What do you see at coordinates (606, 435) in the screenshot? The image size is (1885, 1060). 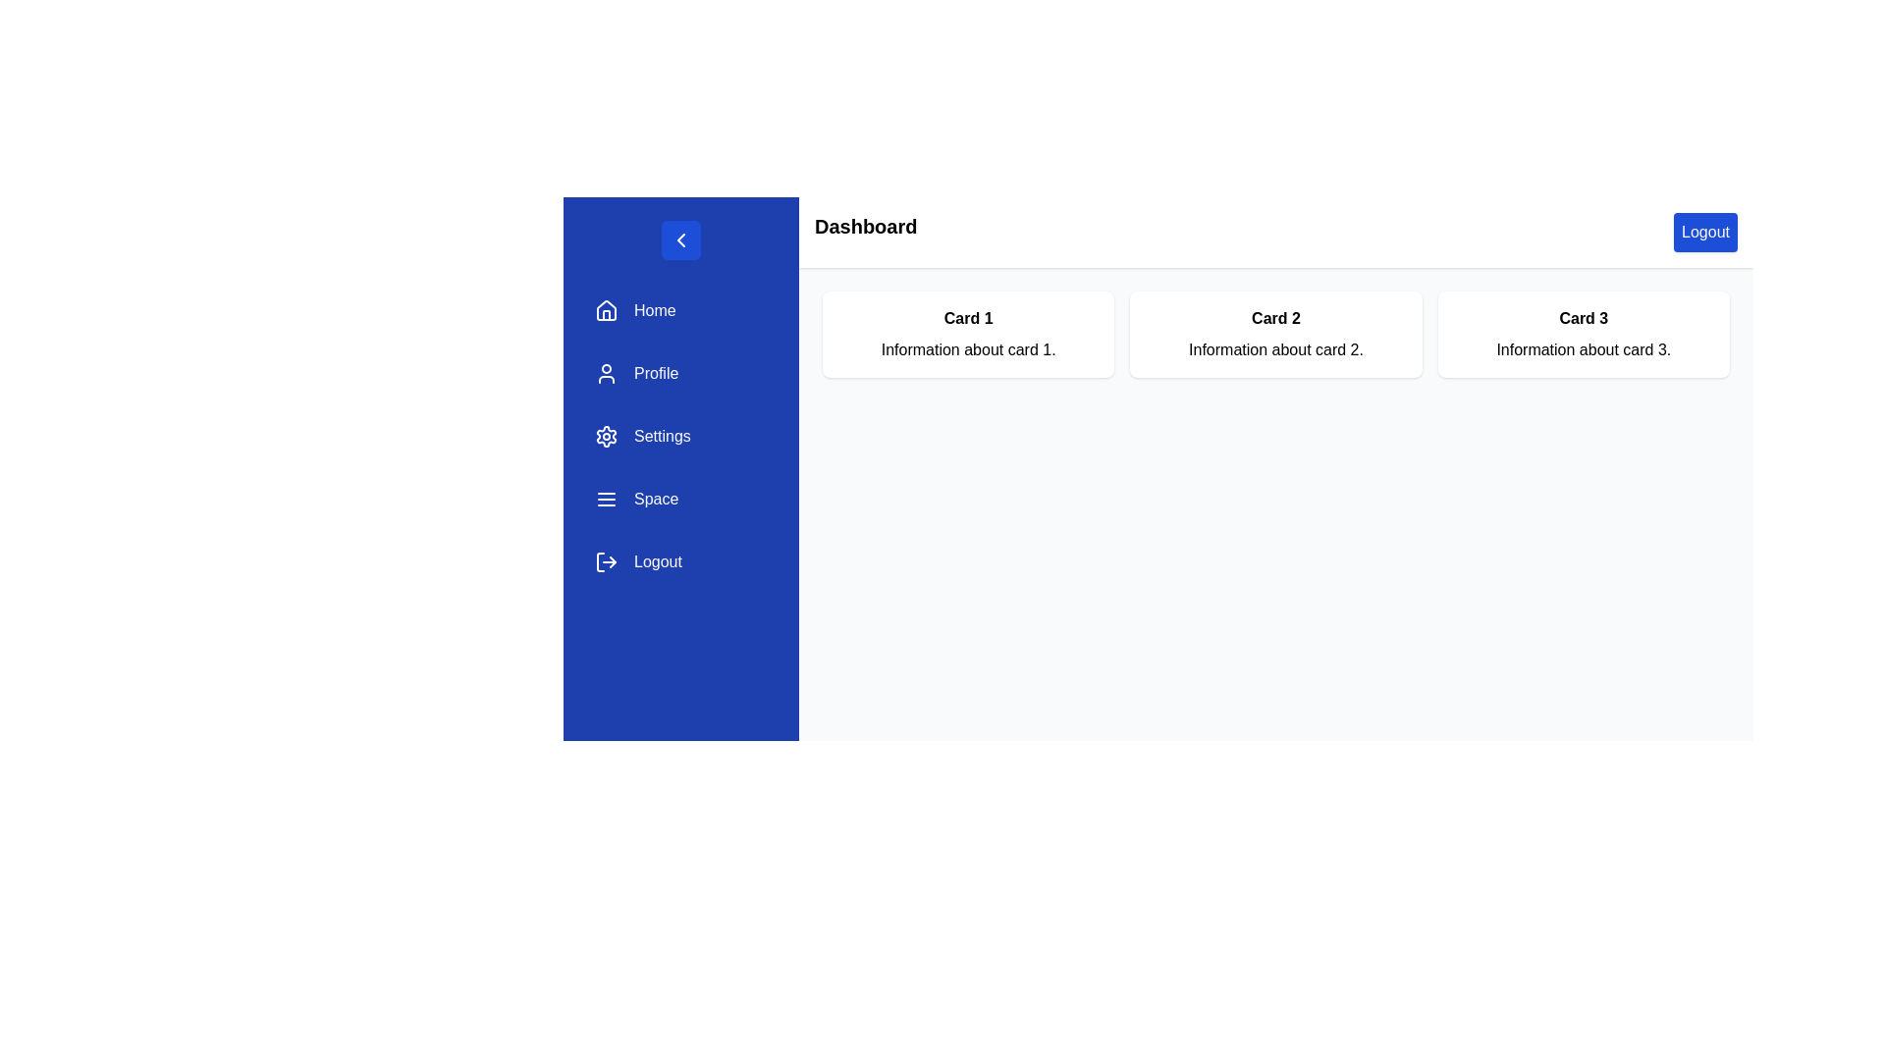 I see `the settings icon, which is a gear or cogwheel located to the left of the 'Settings' text in the vertical navigation menu` at bounding box center [606, 435].